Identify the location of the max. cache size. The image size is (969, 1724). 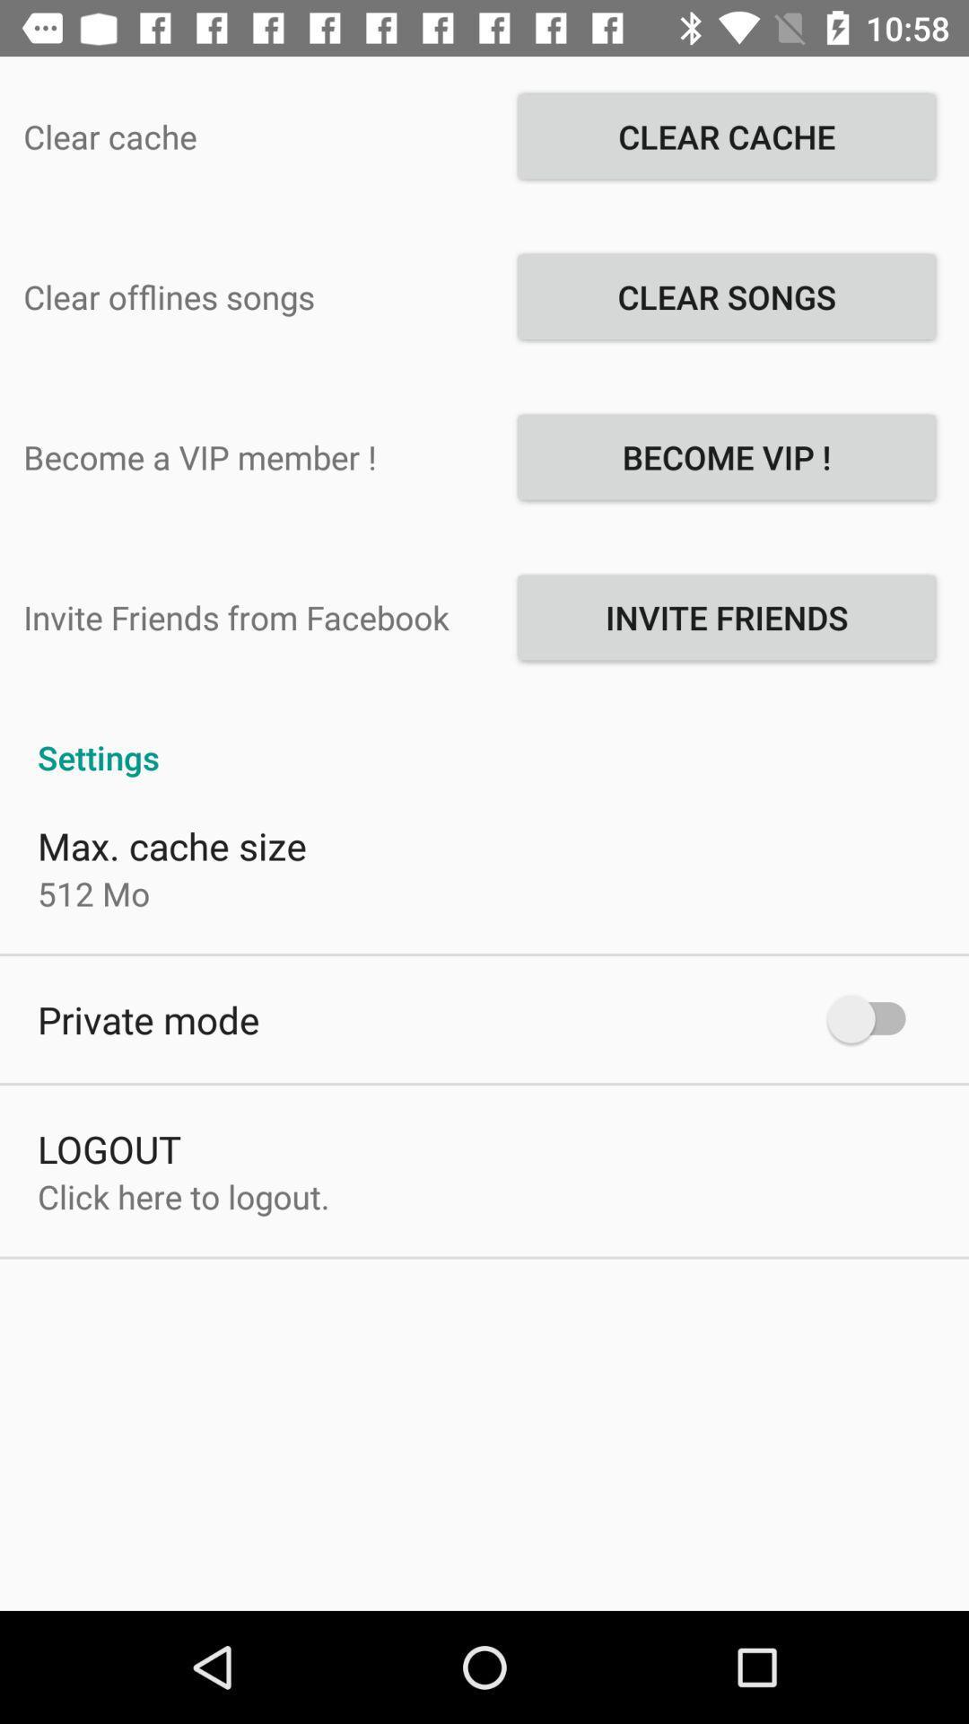
(172, 844).